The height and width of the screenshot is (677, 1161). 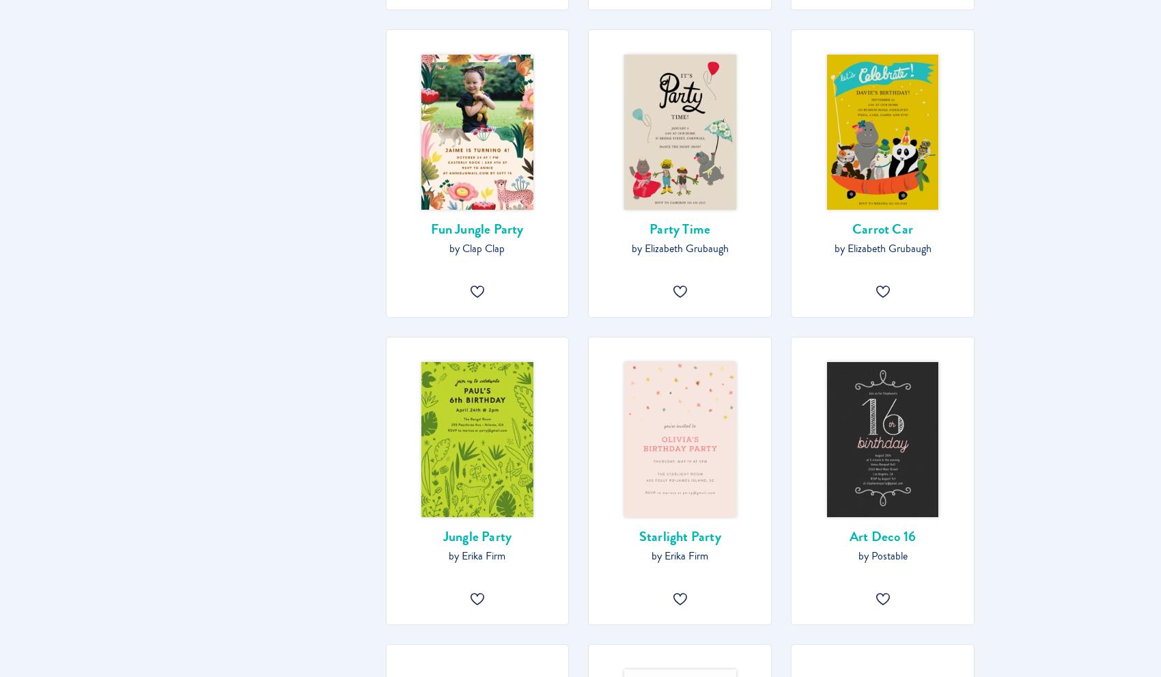 What do you see at coordinates (889, 555) in the screenshot?
I see `'Postable'` at bounding box center [889, 555].